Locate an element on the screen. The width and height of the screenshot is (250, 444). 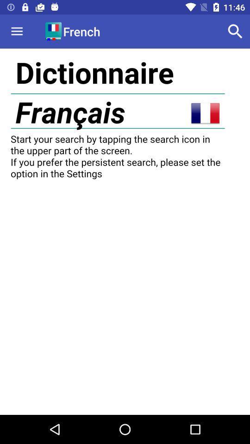
display screen is located at coordinates (125, 231).